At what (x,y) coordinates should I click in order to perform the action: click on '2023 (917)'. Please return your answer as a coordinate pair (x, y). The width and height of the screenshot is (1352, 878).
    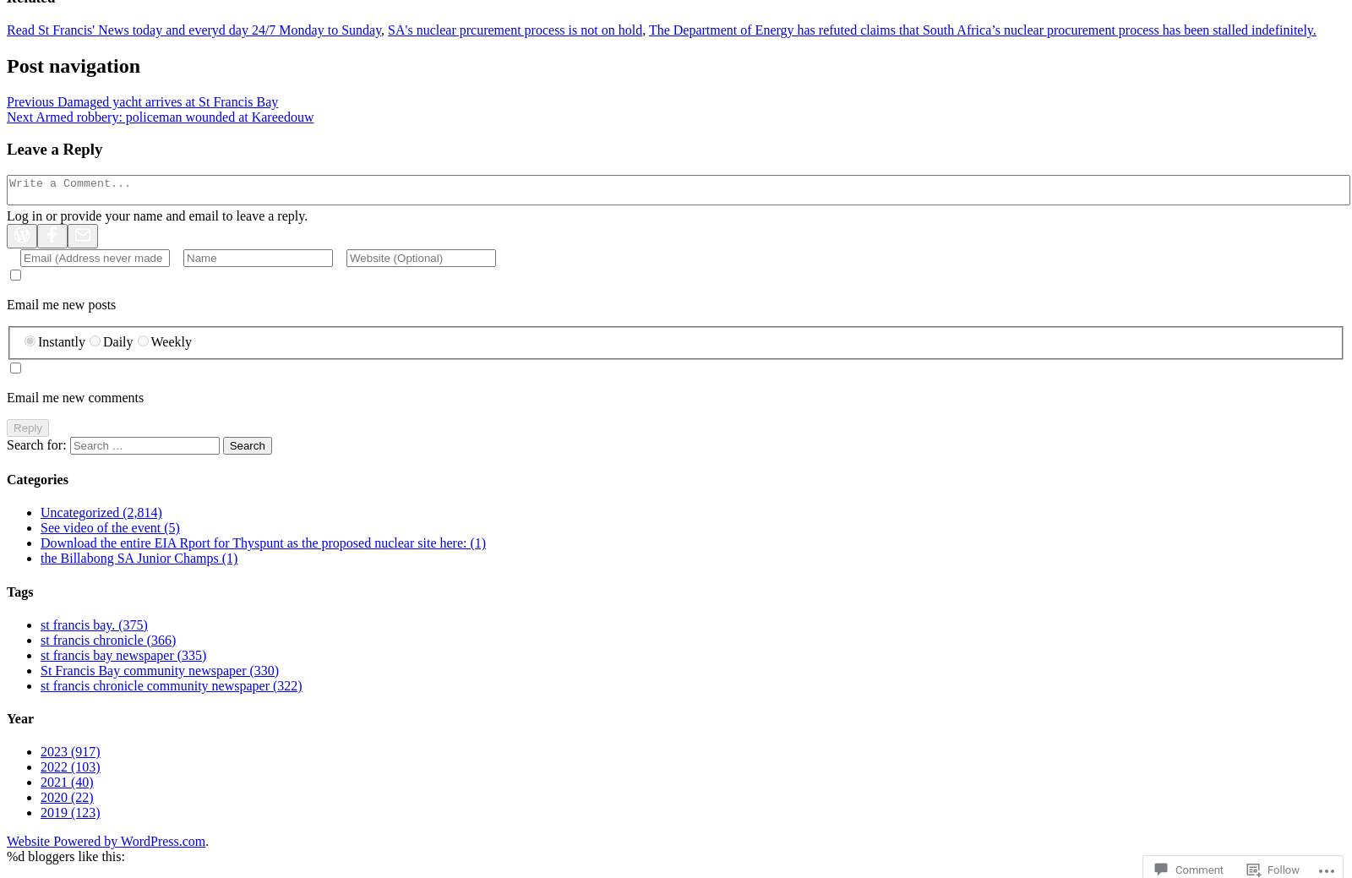
    Looking at the image, I should click on (69, 751).